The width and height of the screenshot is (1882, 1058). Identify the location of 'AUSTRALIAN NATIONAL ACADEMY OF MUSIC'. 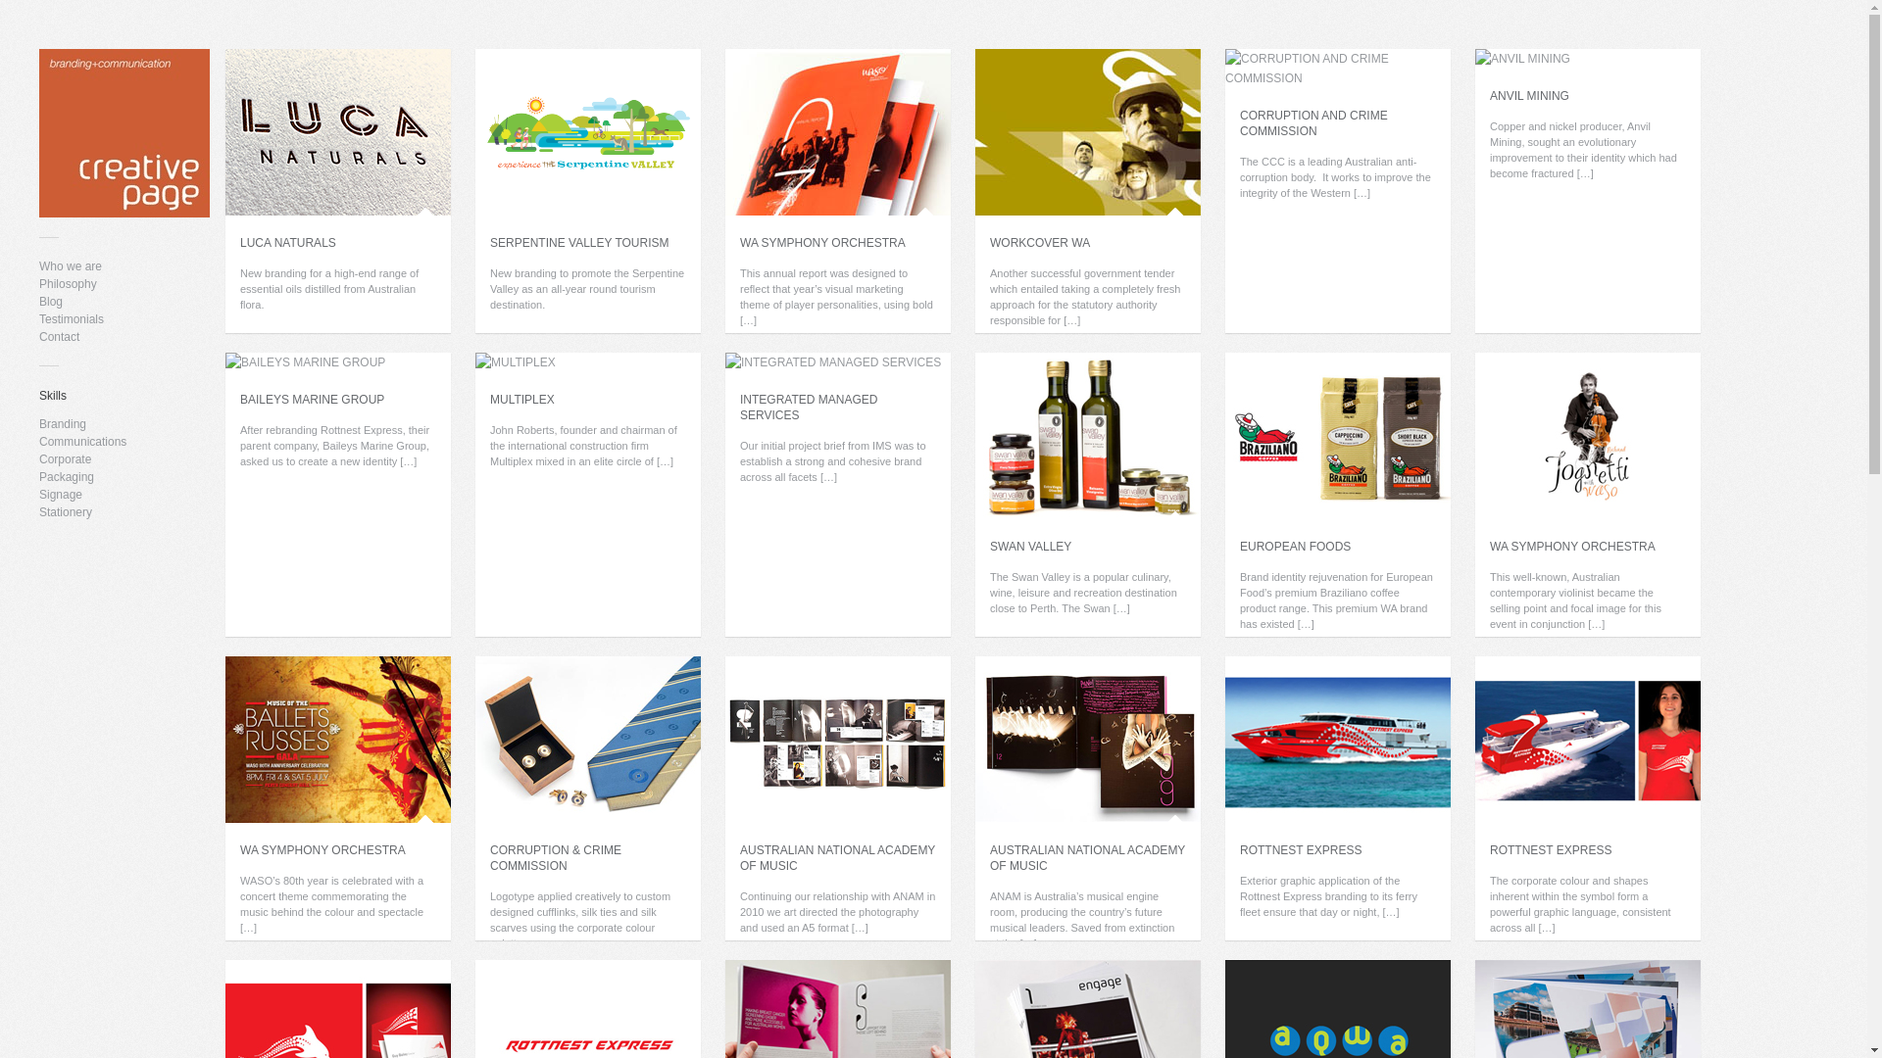
(1086, 856).